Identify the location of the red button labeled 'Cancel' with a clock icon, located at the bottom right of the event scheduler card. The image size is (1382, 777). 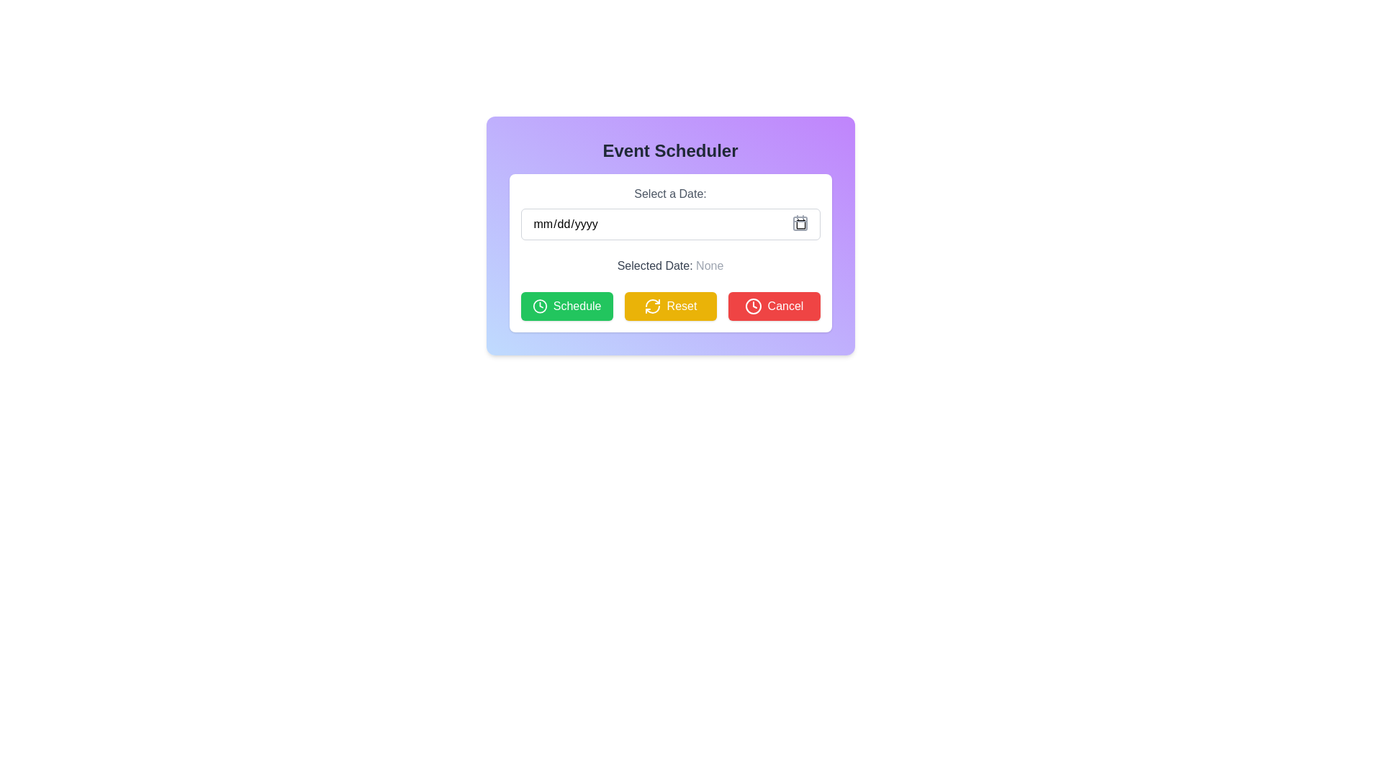
(773, 305).